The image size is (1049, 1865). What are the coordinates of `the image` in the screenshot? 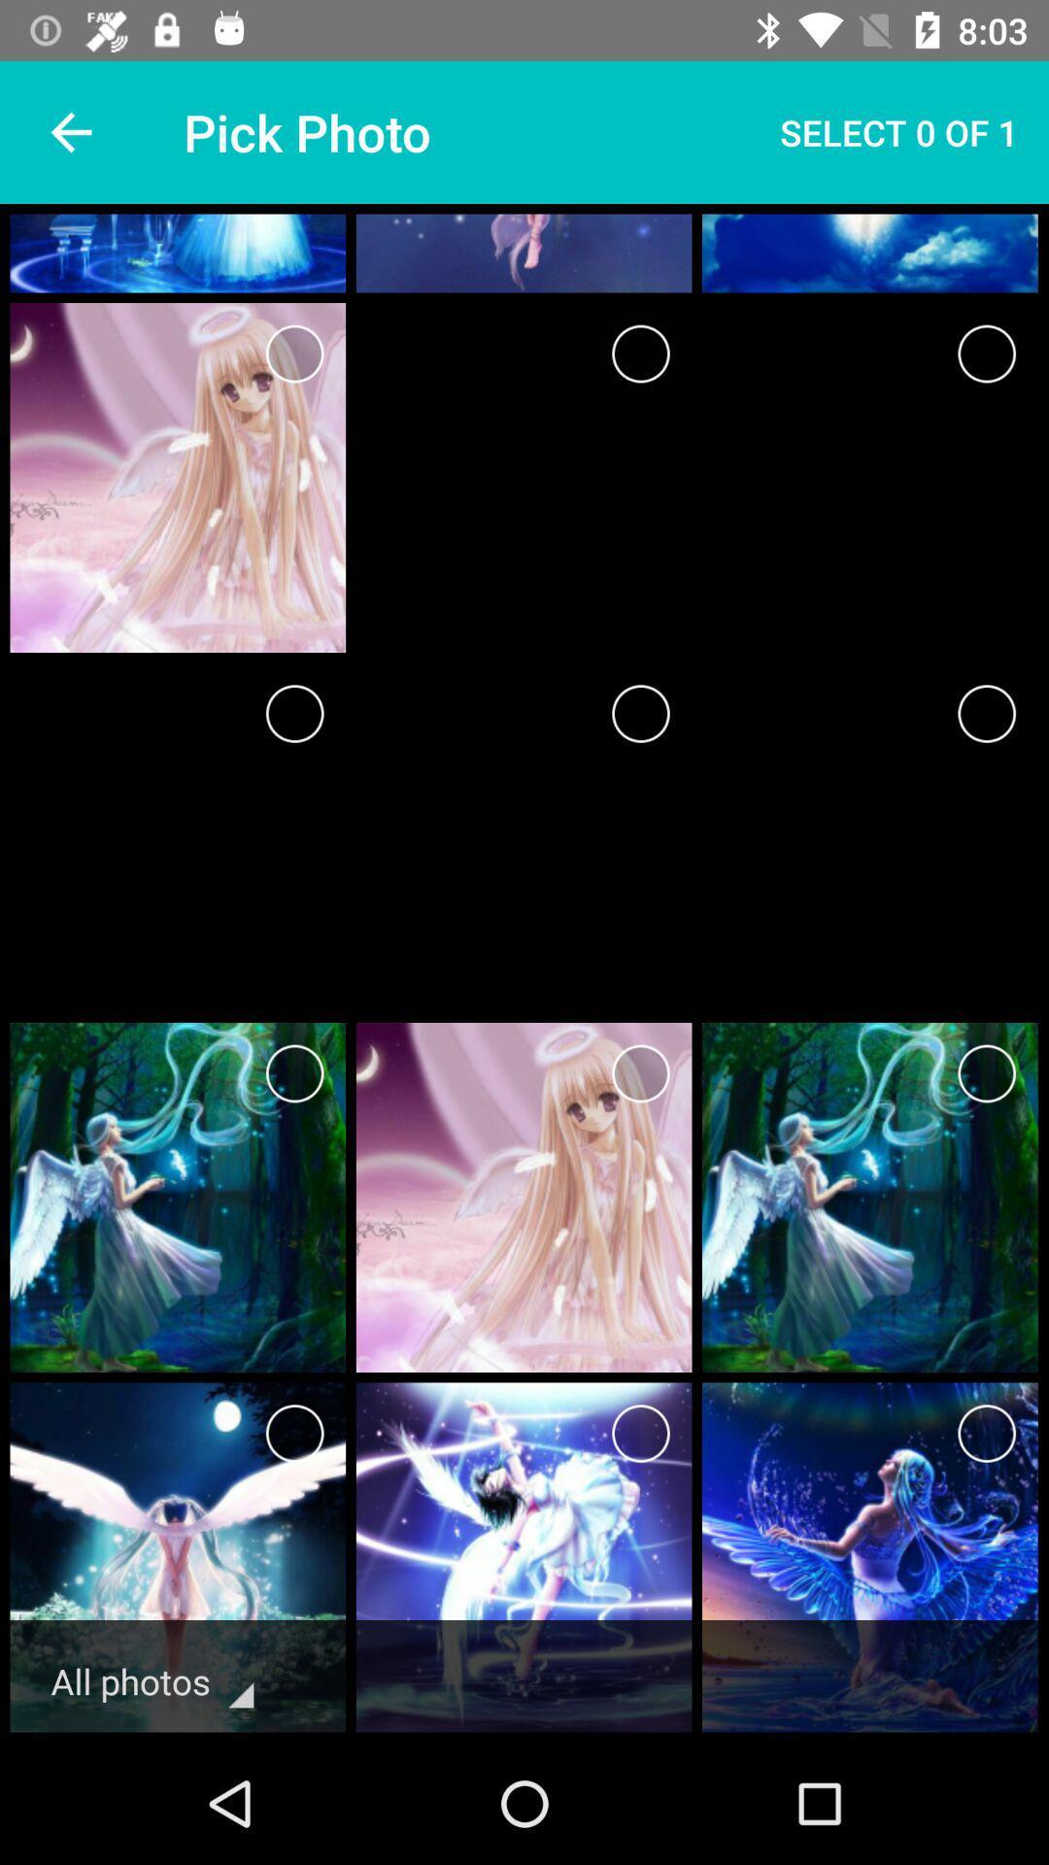 It's located at (294, 712).